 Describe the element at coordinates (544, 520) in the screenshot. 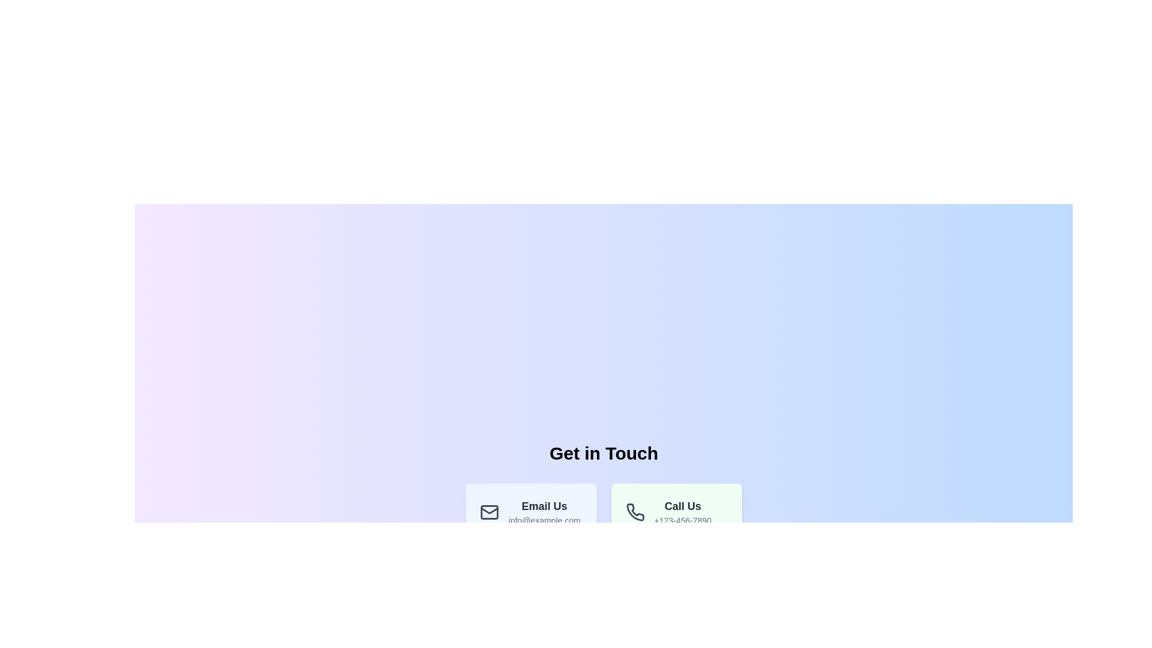

I see `the email address displayed below the 'Email Us' heading` at that location.